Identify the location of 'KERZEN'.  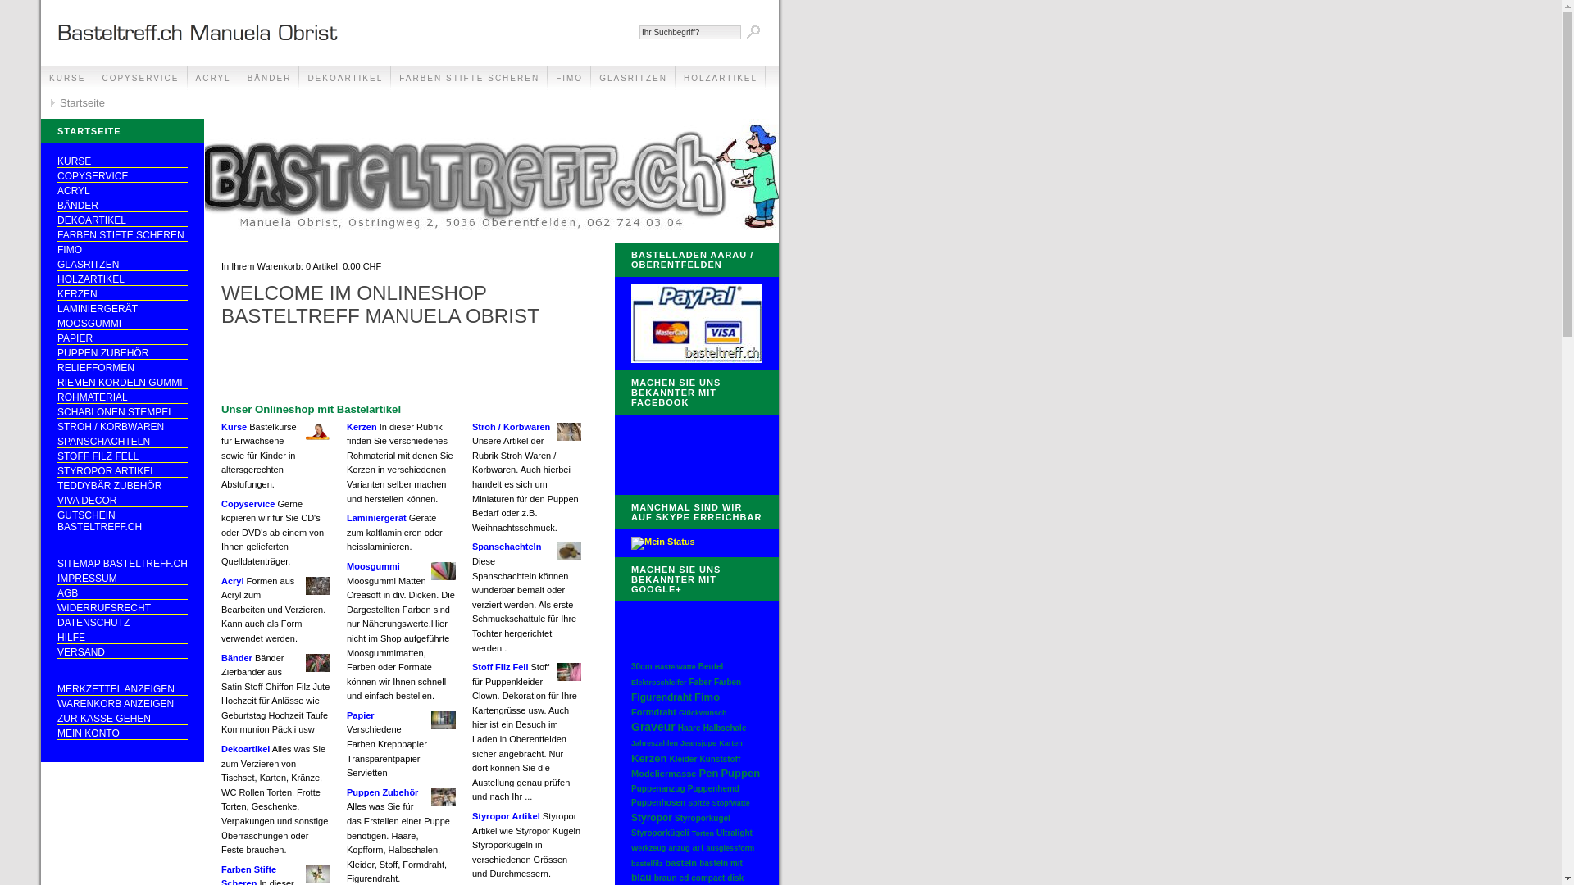
(57, 293).